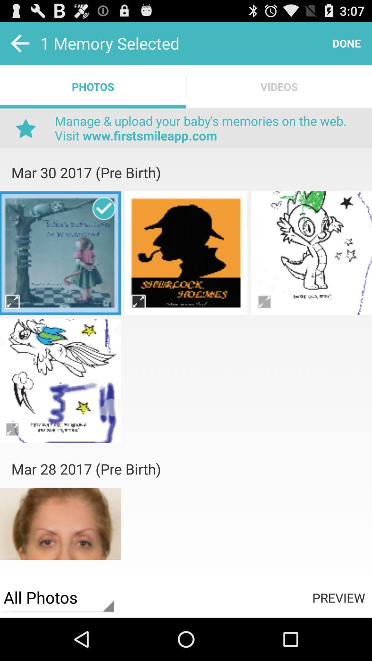 This screenshot has width=372, height=661. What do you see at coordinates (60, 531) in the screenshot?
I see `photo select` at bounding box center [60, 531].